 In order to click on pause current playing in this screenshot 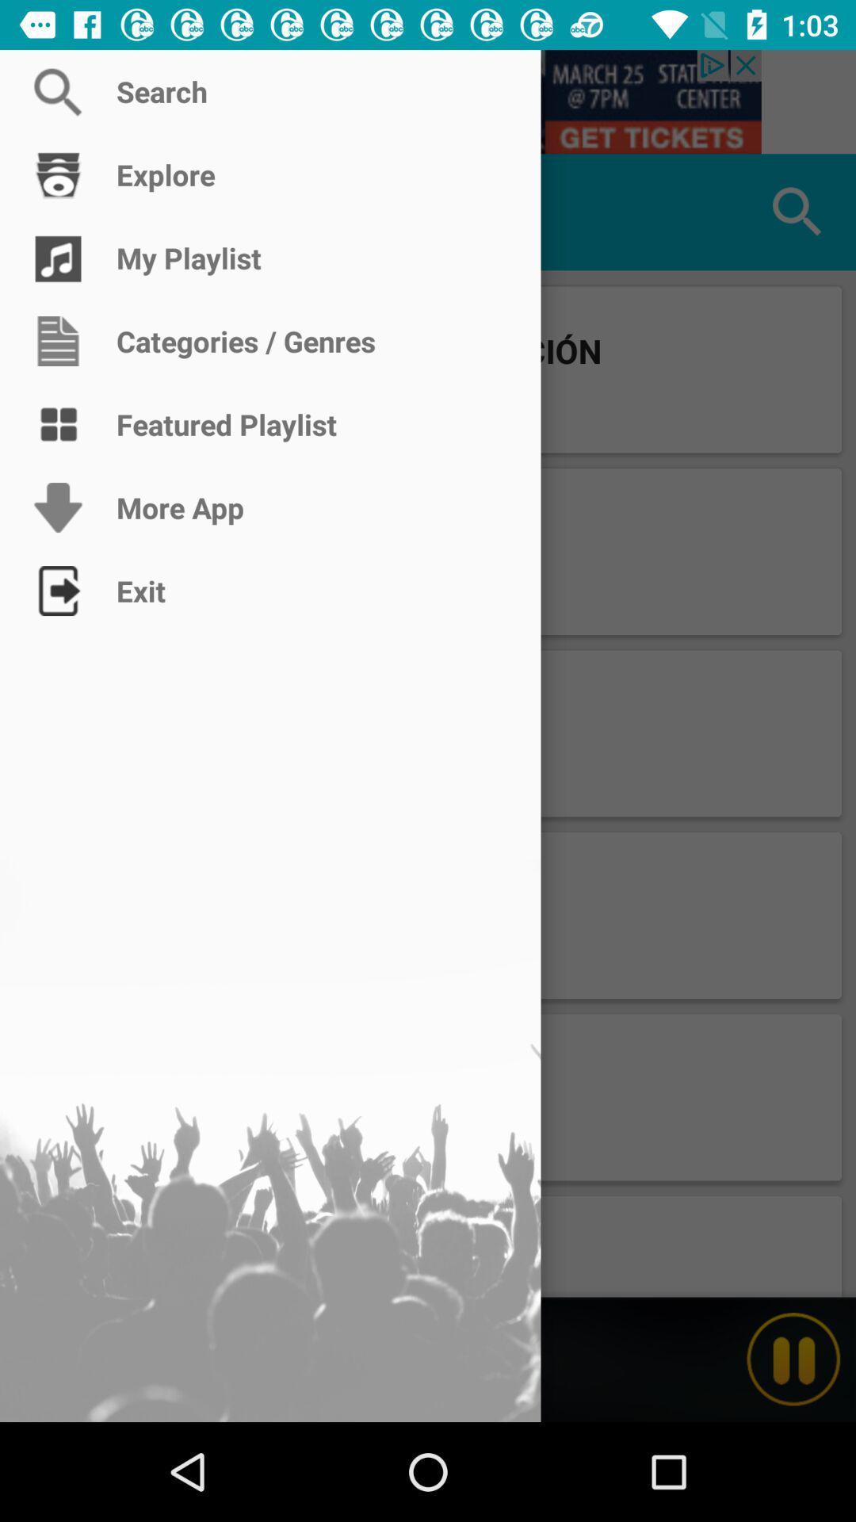, I will do `click(793, 1359)`.